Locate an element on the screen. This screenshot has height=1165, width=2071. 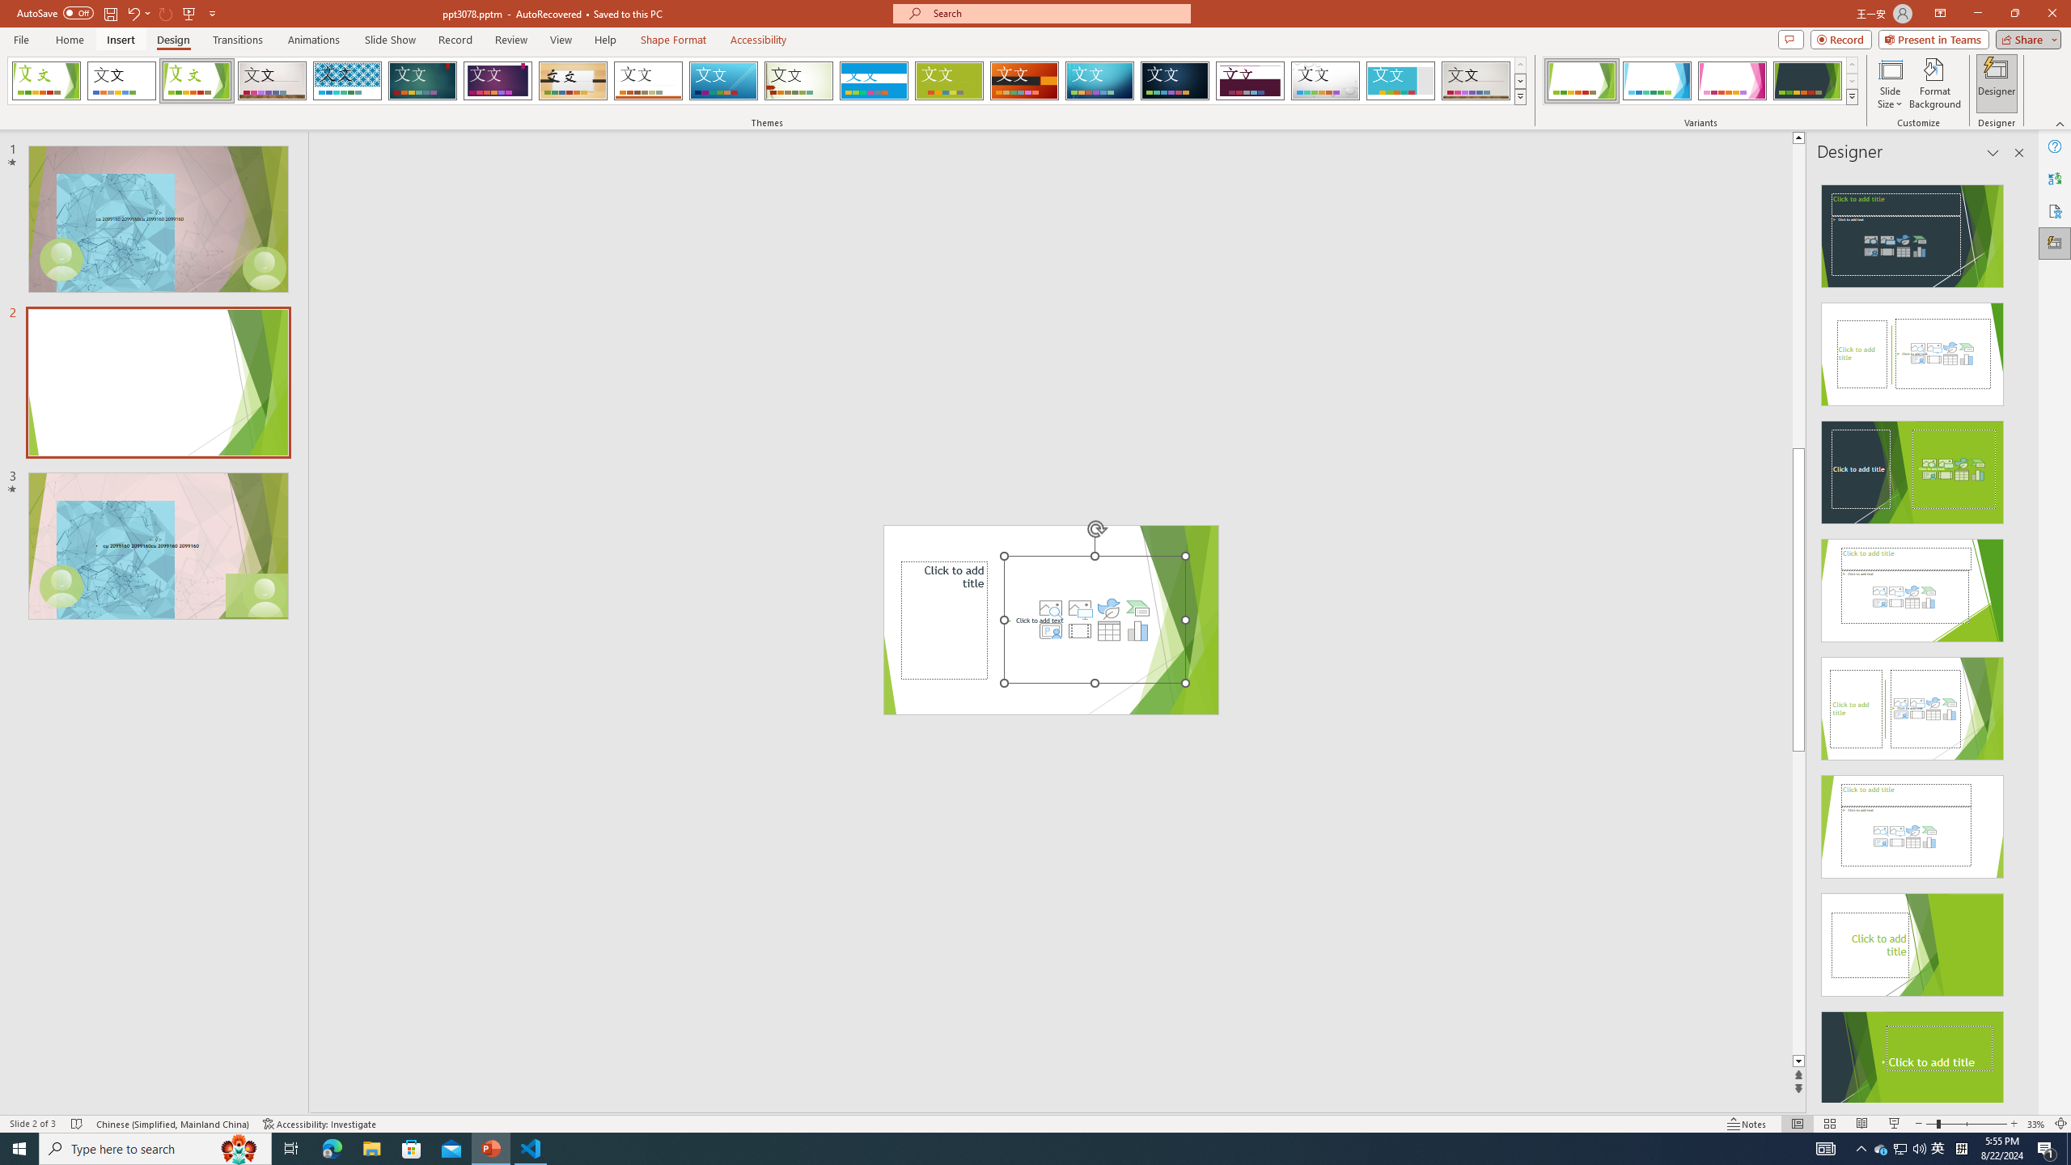
'Integral' is located at coordinates (347, 80).